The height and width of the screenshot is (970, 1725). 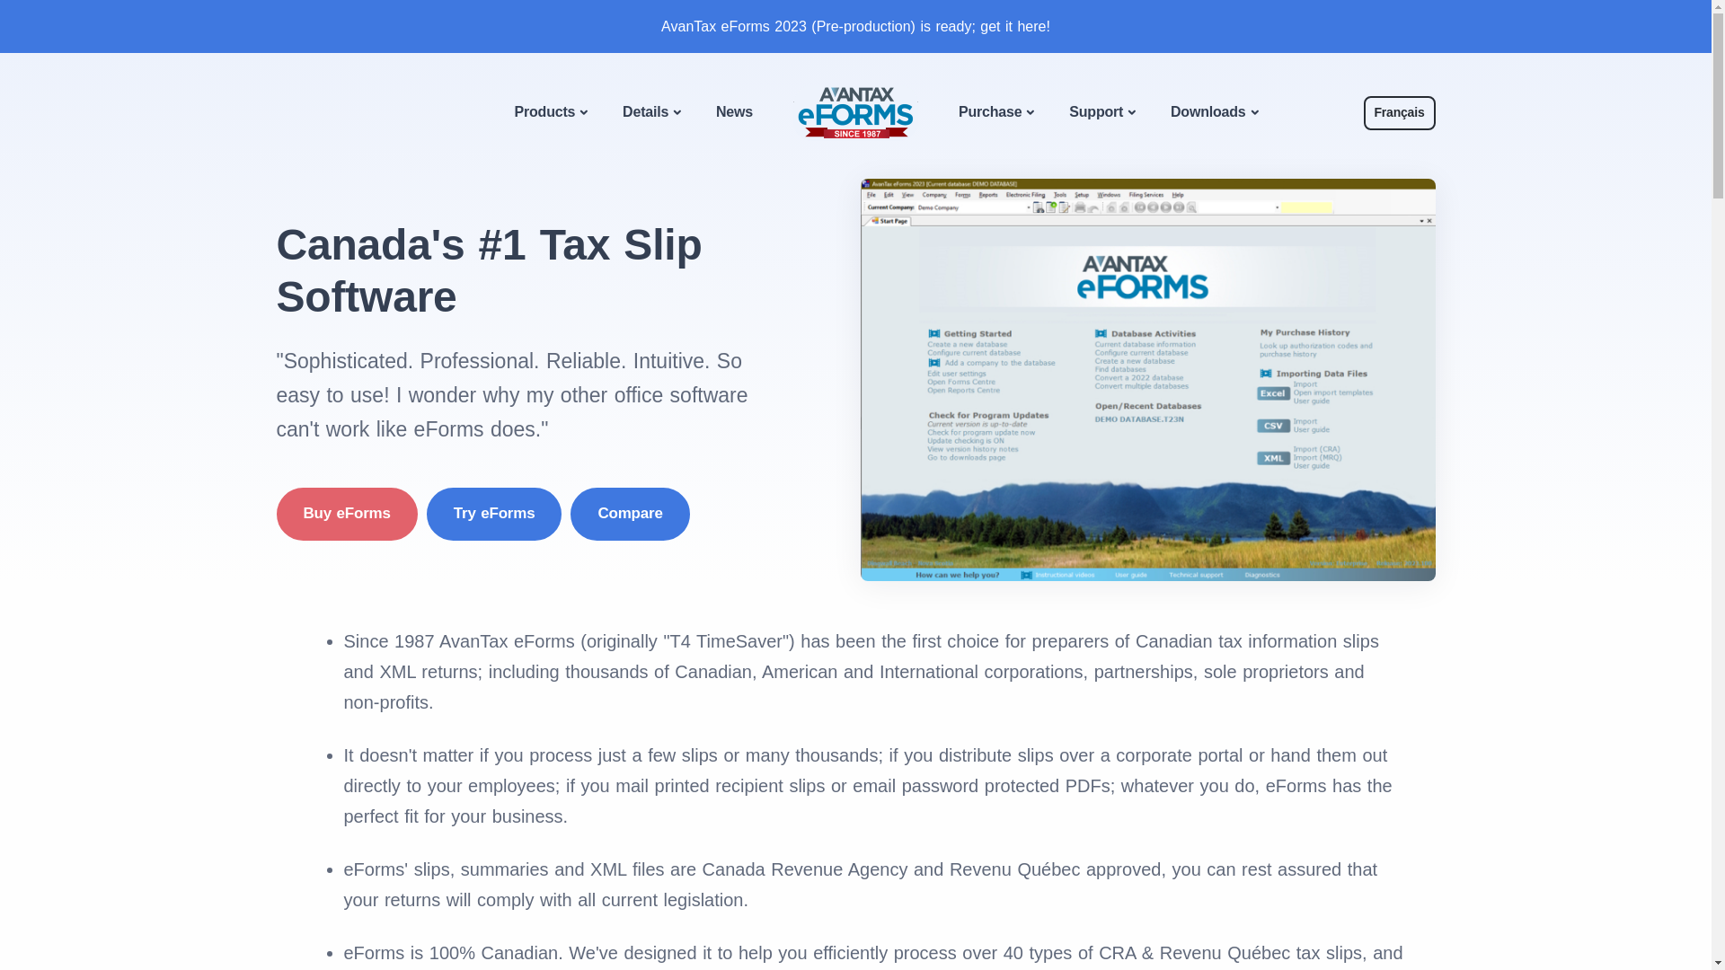 I want to click on 'Downloads', so click(x=1213, y=113).